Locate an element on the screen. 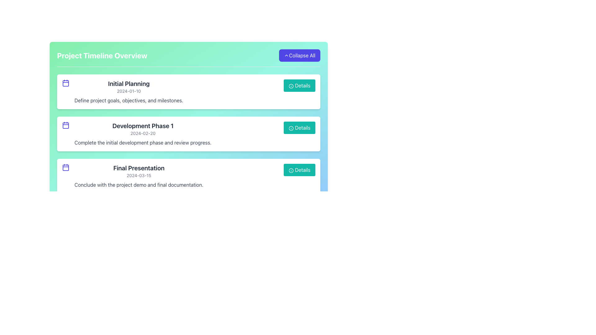  the Chevron icon located at the top-right corner of the 'Project Timeline Overview' section is located at coordinates (286, 55).